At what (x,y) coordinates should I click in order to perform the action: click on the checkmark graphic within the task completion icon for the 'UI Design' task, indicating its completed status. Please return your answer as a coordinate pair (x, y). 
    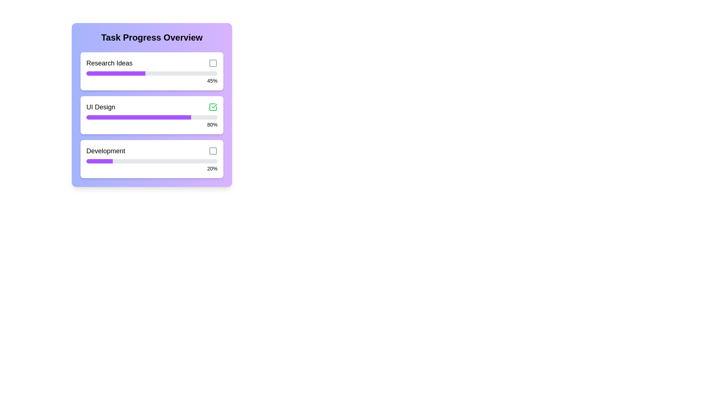
    Looking at the image, I should click on (214, 106).